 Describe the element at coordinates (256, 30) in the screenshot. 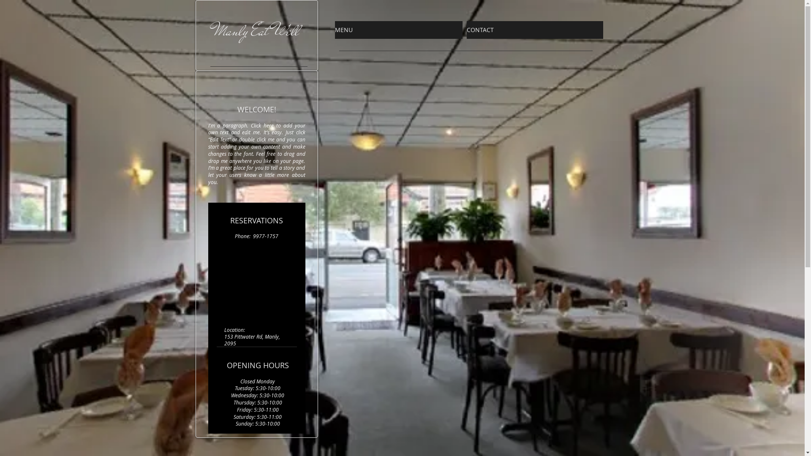

I see `'Manly Eat Well'` at that location.